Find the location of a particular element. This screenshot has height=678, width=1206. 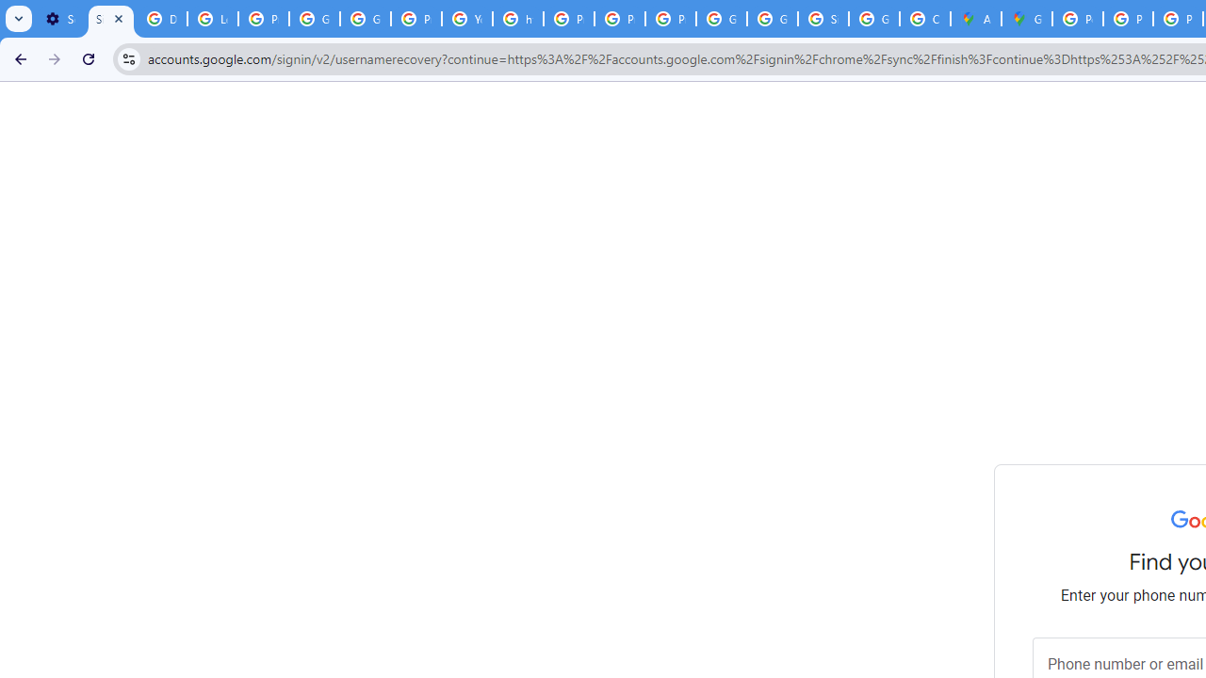

'Delete photos & videos - Computer - Google Photos Help' is located at coordinates (161, 19).